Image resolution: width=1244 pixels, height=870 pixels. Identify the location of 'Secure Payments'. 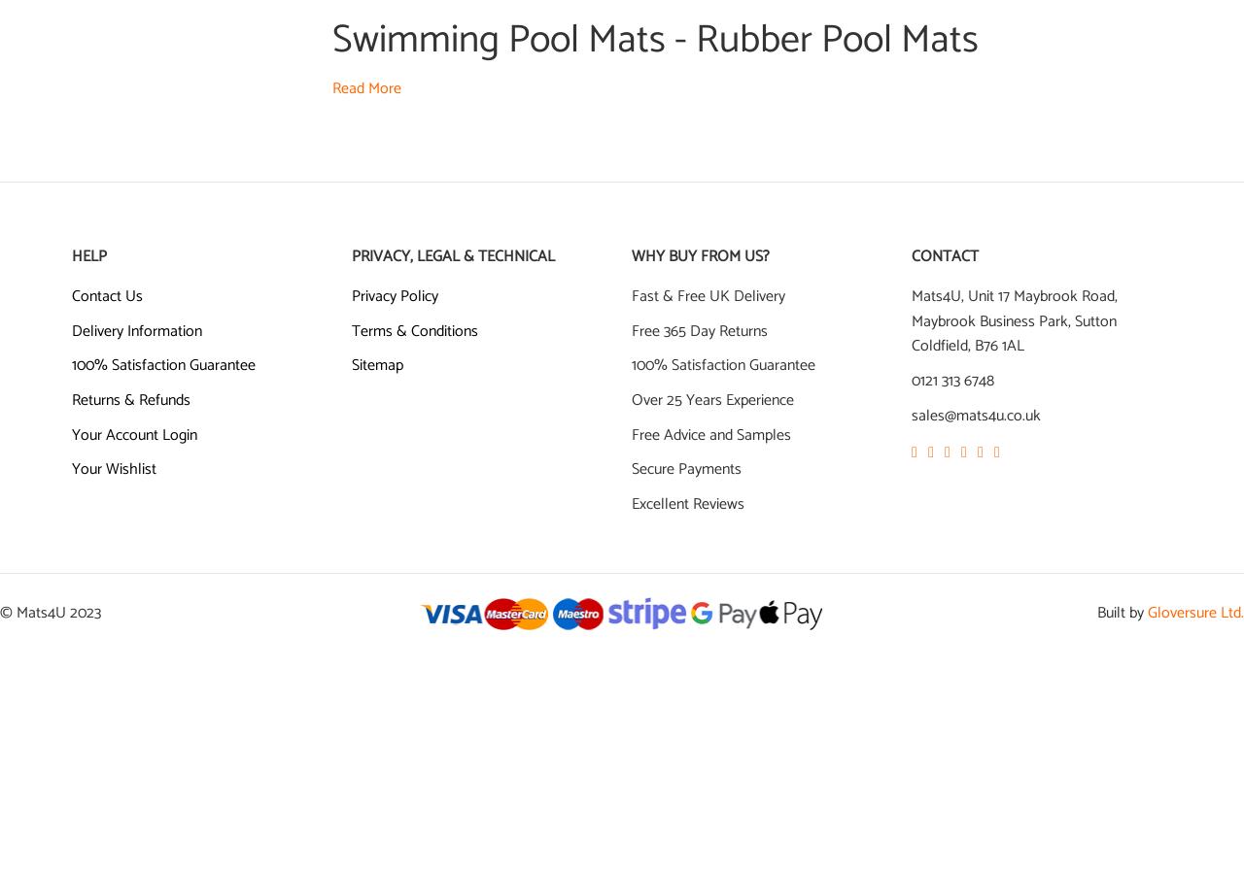
(631, 469).